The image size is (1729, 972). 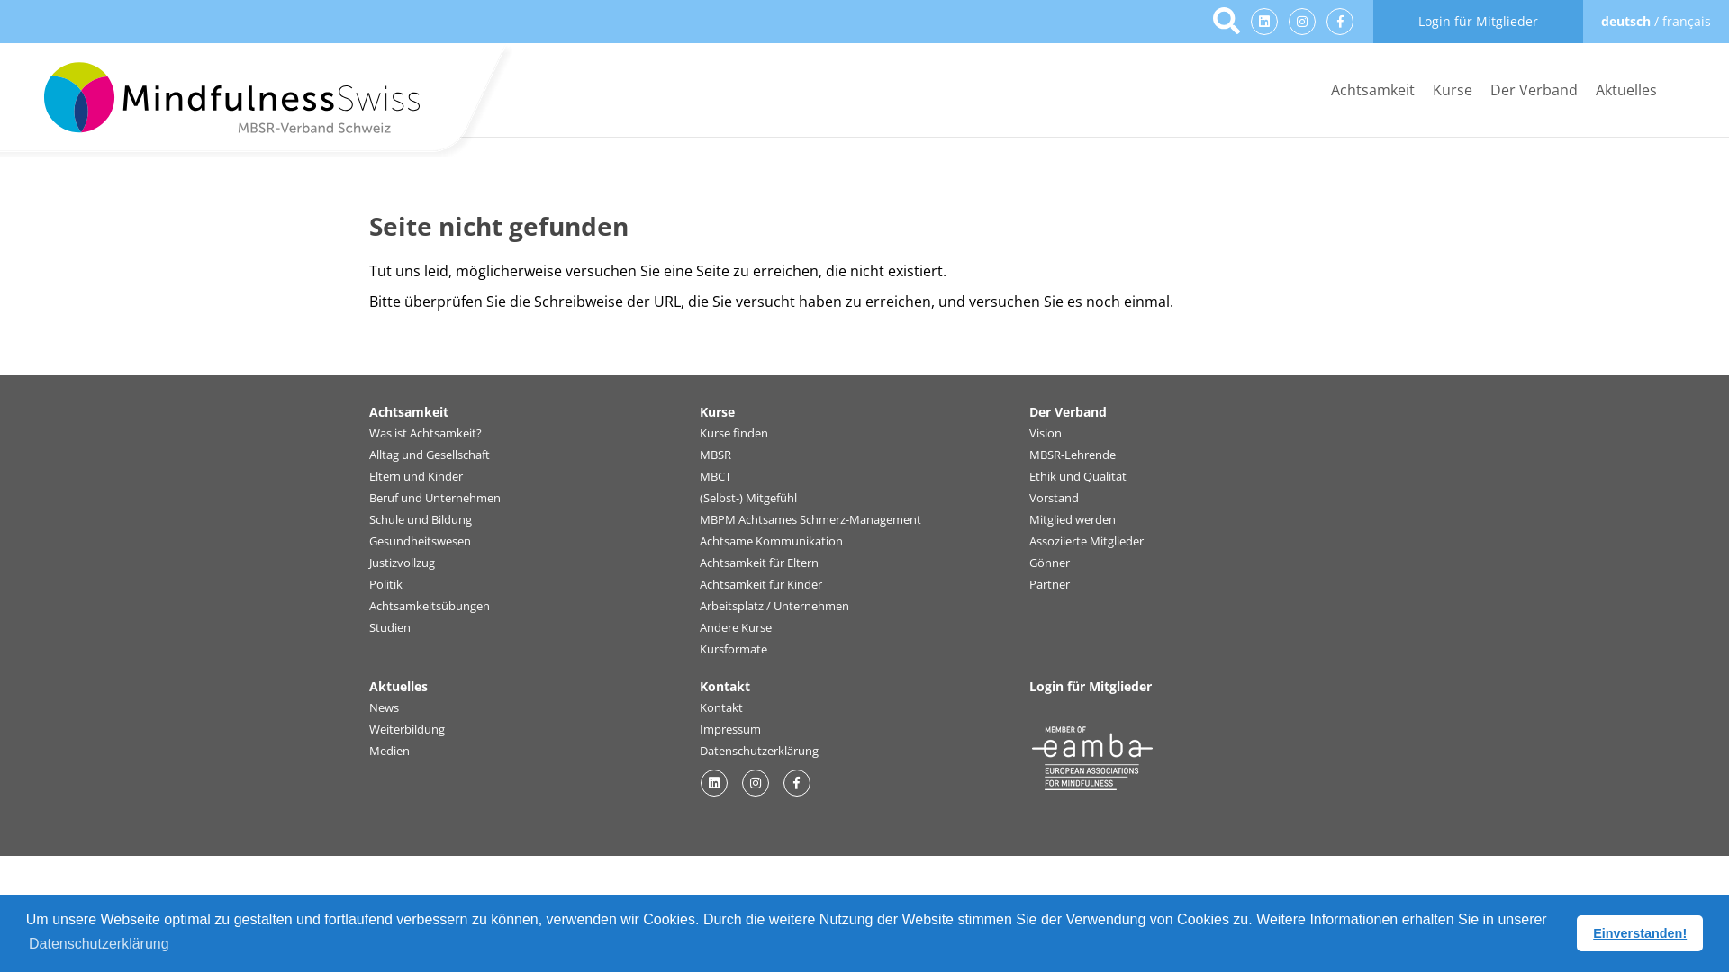 I want to click on 'Politik', so click(x=385, y=585).